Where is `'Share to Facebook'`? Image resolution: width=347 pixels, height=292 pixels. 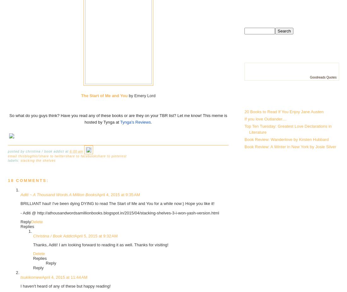
'Share to Facebook' is located at coordinates (65, 155).